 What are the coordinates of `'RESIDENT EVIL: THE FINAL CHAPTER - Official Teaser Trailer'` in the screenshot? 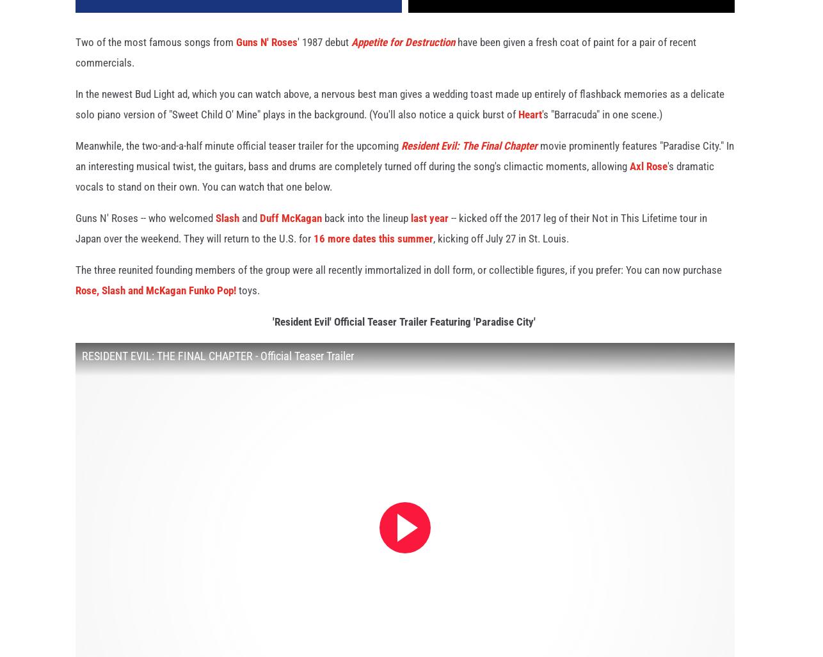 It's located at (217, 370).